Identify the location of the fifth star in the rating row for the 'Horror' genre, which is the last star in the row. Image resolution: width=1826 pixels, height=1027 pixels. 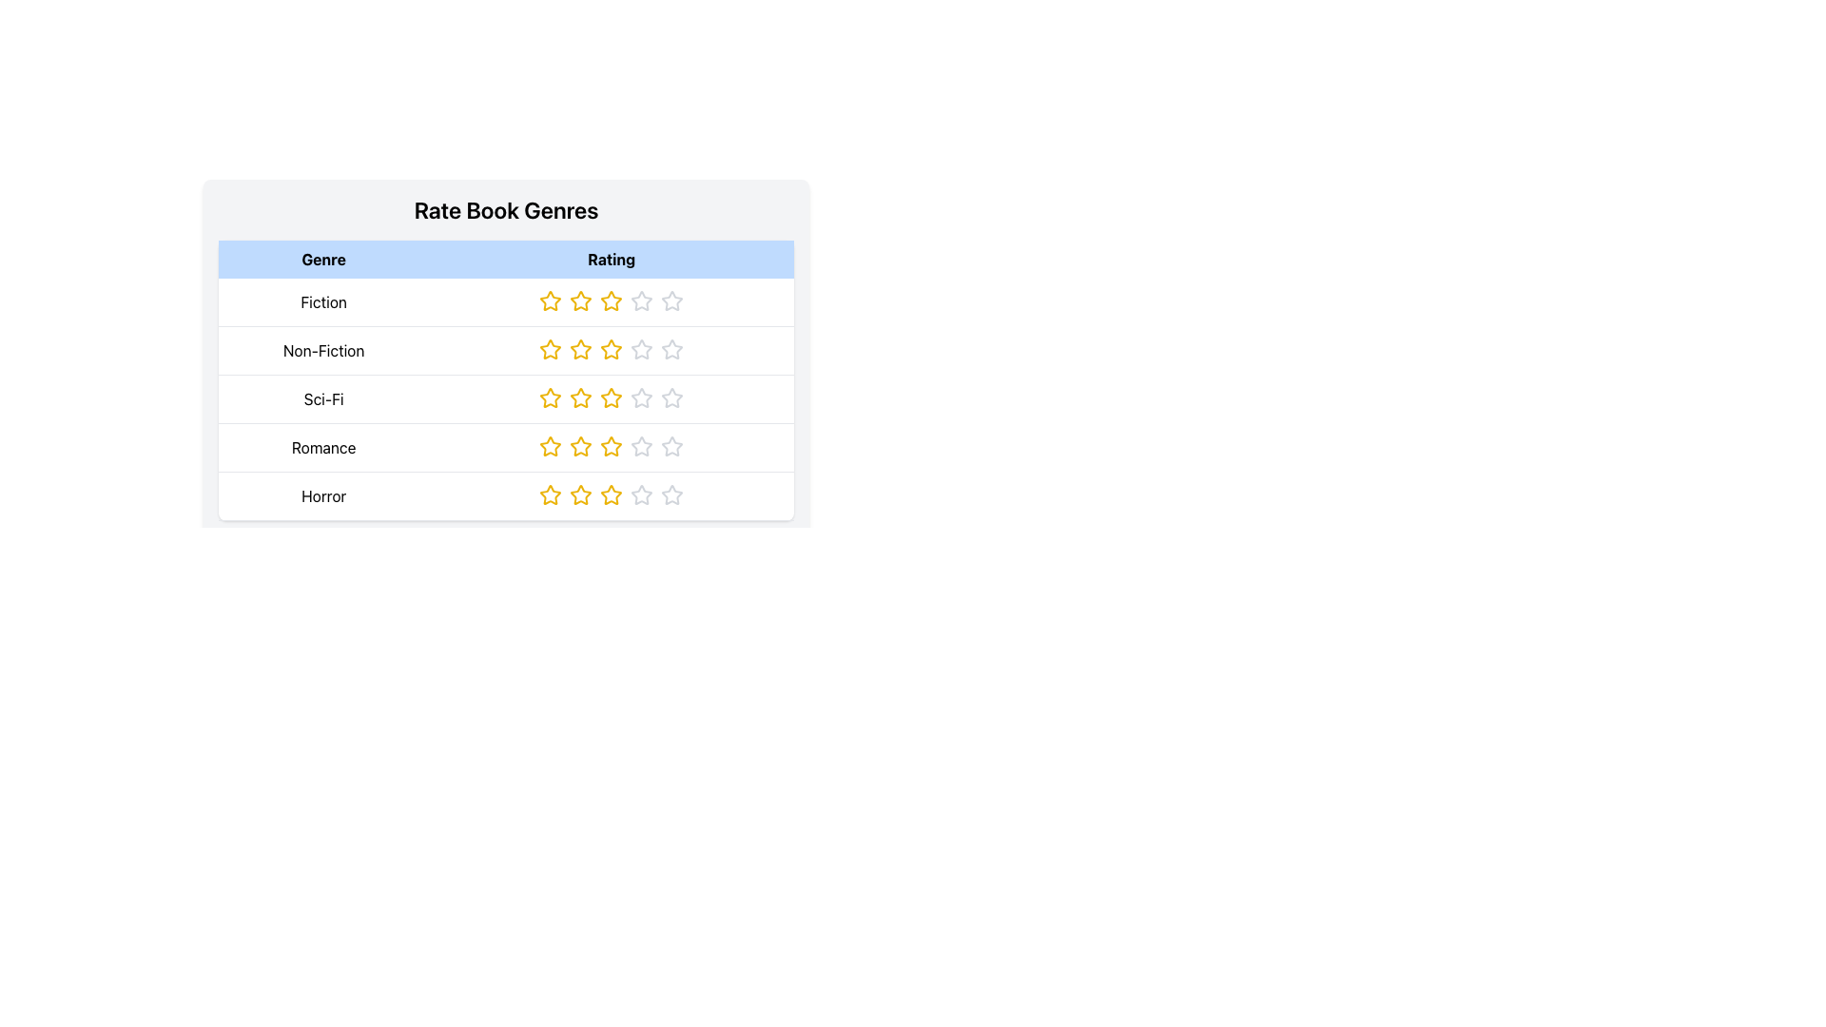
(672, 494).